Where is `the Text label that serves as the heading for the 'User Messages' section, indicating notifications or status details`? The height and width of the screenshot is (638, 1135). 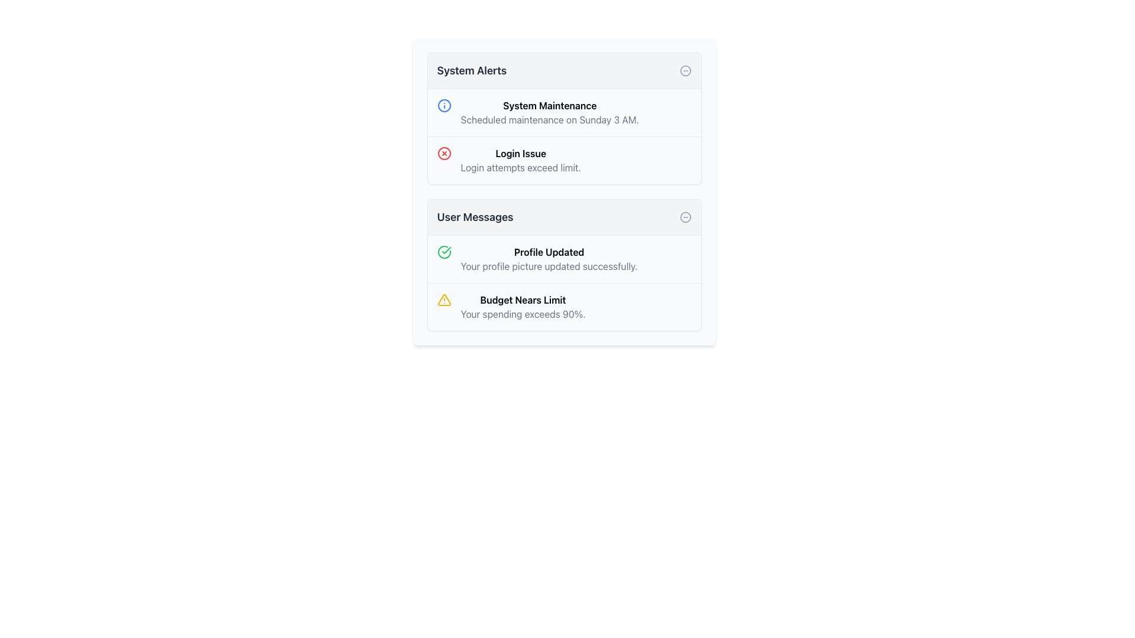 the Text label that serves as the heading for the 'User Messages' section, indicating notifications or status details is located at coordinates (475, 217).